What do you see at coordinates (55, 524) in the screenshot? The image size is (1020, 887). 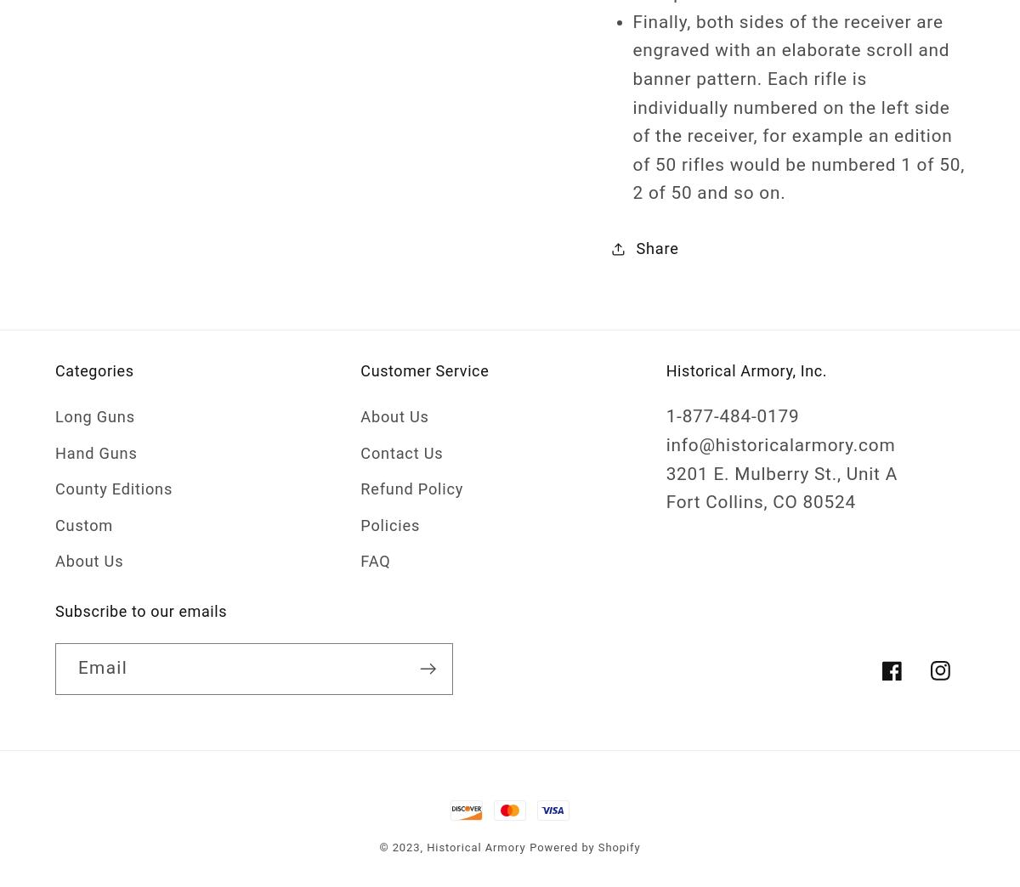 I see `'Custom'` at bounding box center [55, 524].